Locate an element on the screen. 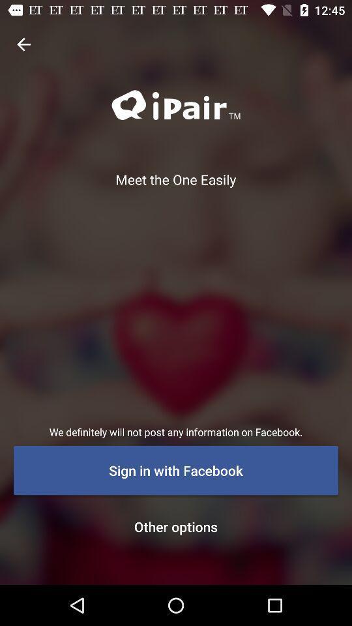 The height and width of the screenshot is (626, 352). the item above we definitely will item is located at coordinates (23, 44).